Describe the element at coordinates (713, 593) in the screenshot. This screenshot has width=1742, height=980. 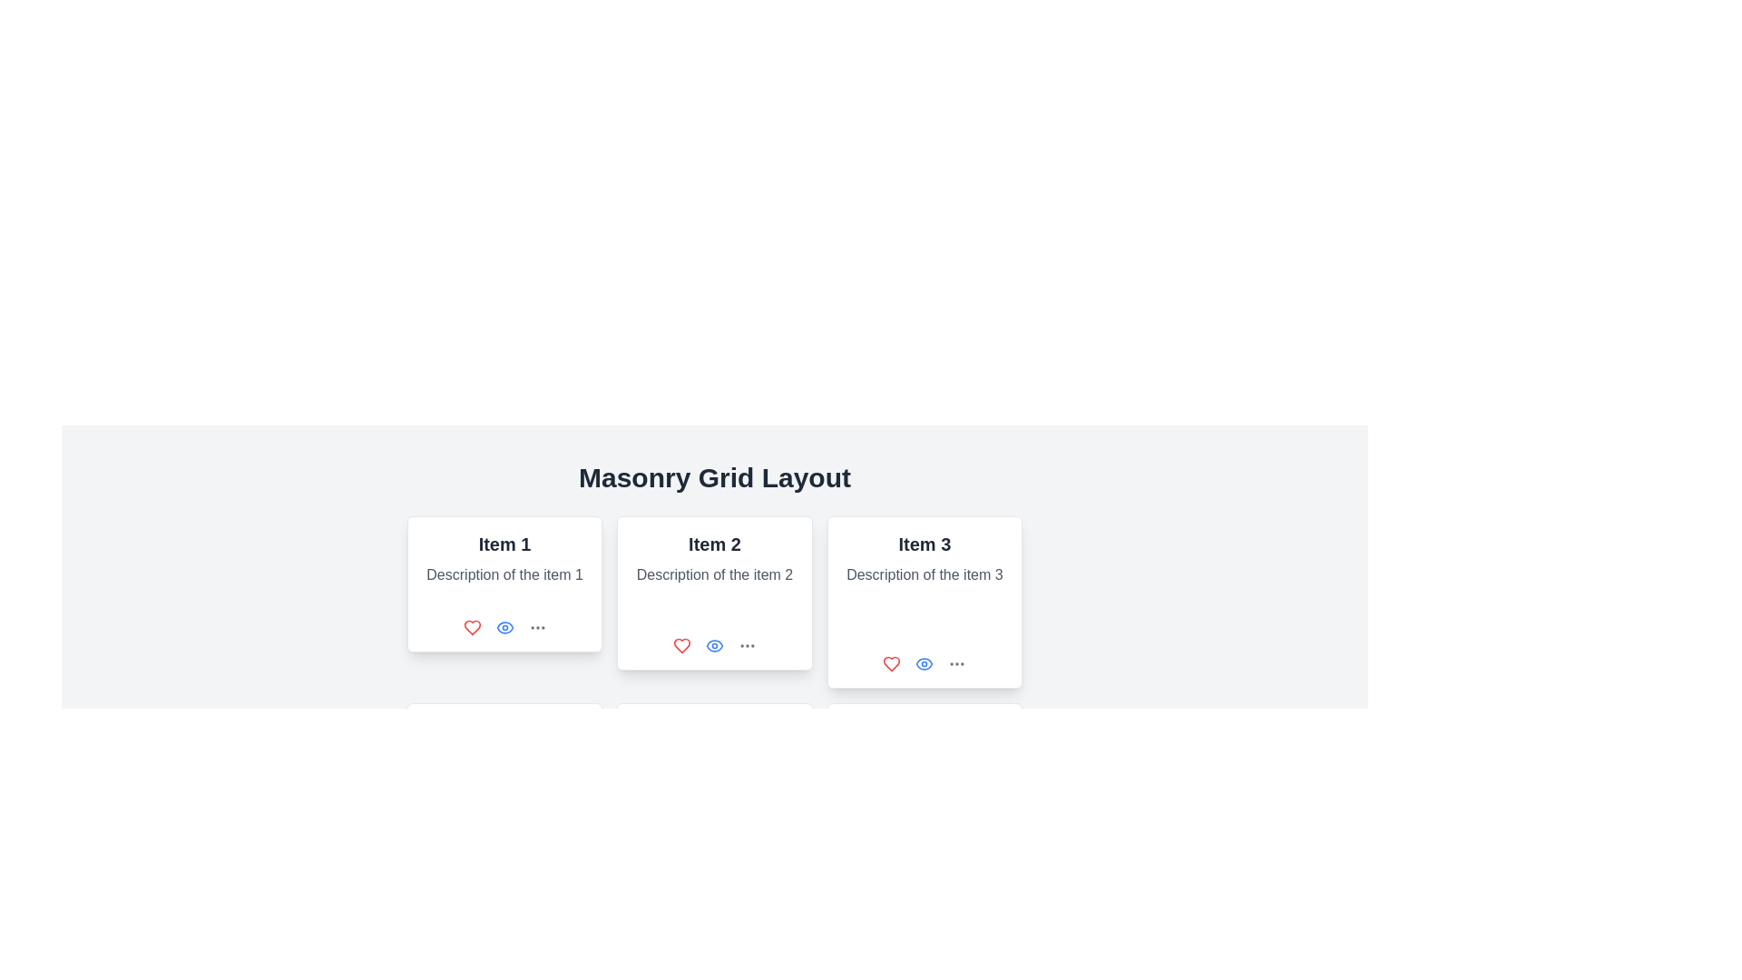
I see `one of the icons below the description of the Card Display Element for 'Item 2', which is the second card in the grid layout` at that location.